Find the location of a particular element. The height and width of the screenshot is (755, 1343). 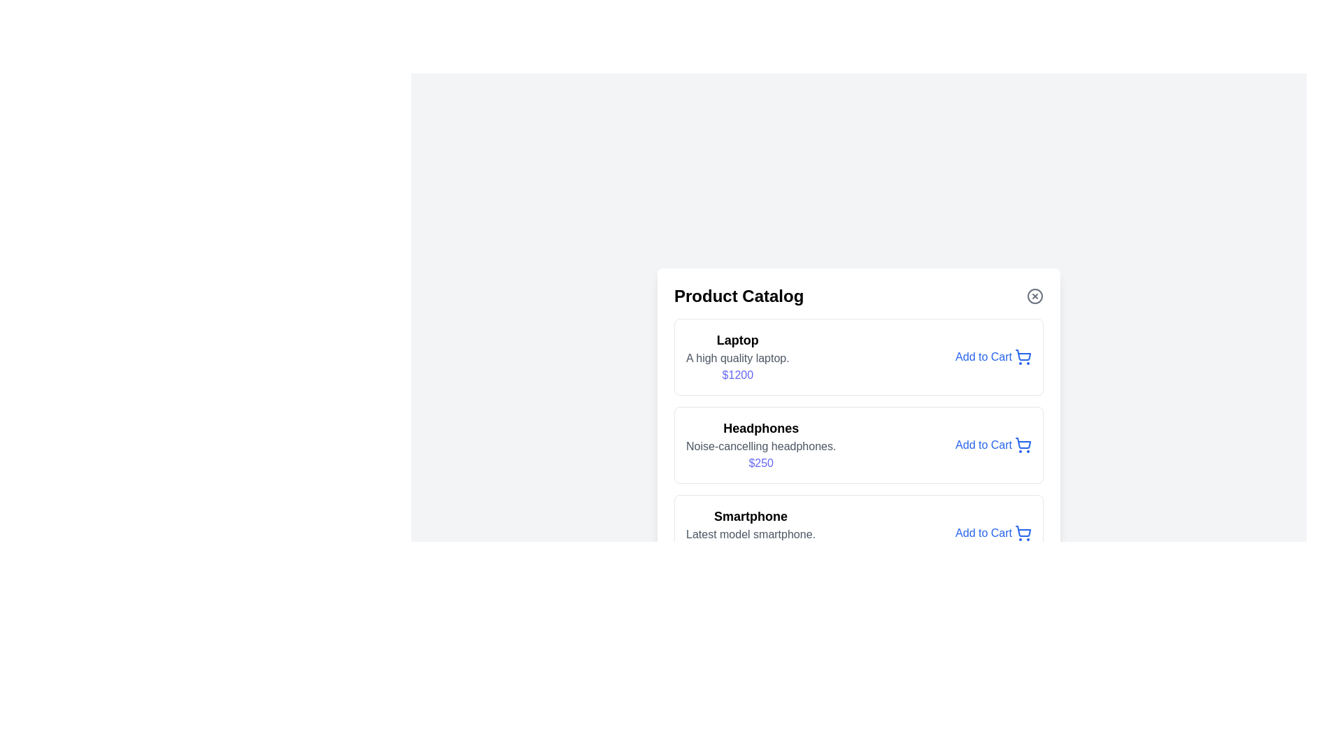

close button located at the top-right corner of the dialog is located at coordinates (1035, 296).